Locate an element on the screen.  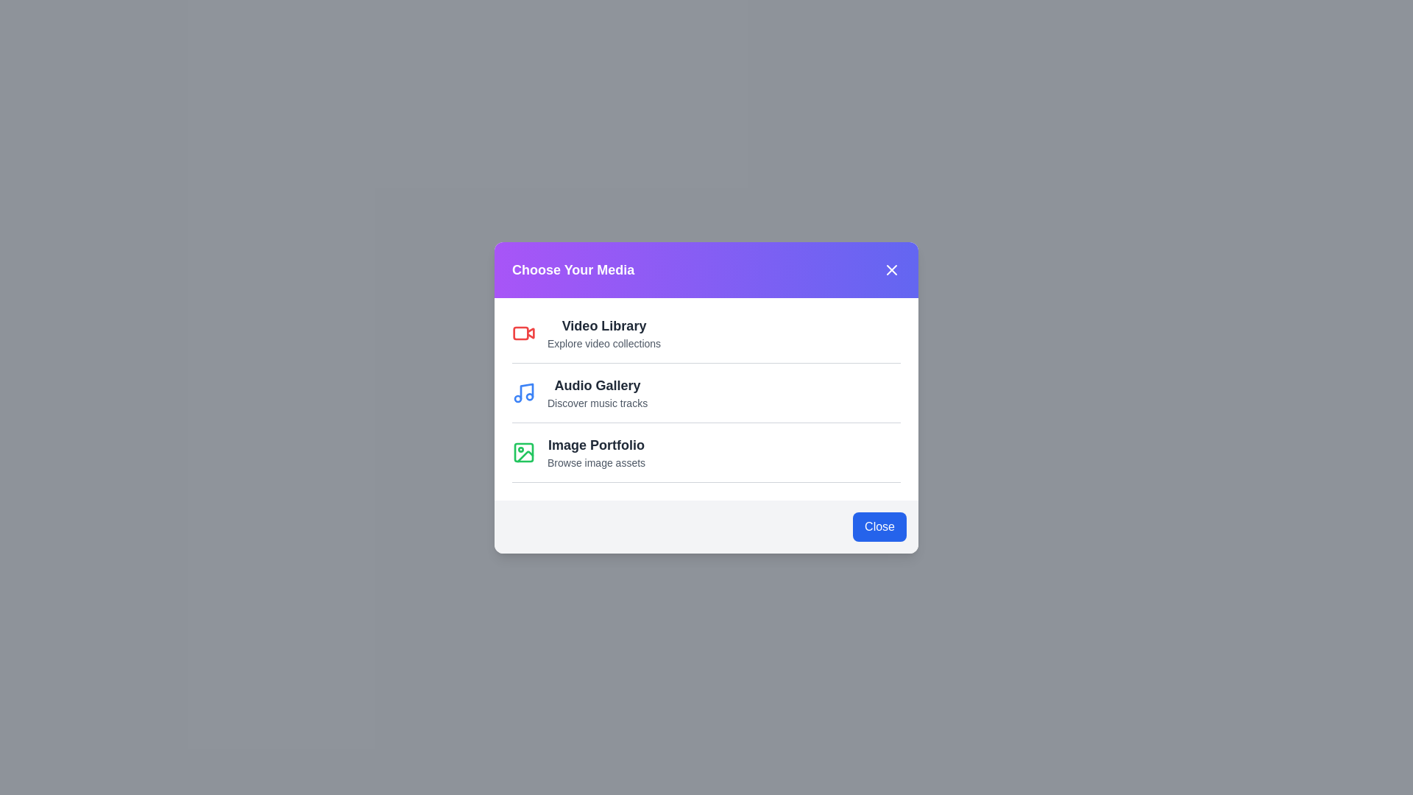
the 'Close' button to dismiss the dialog is located at coordinates (879, 526).